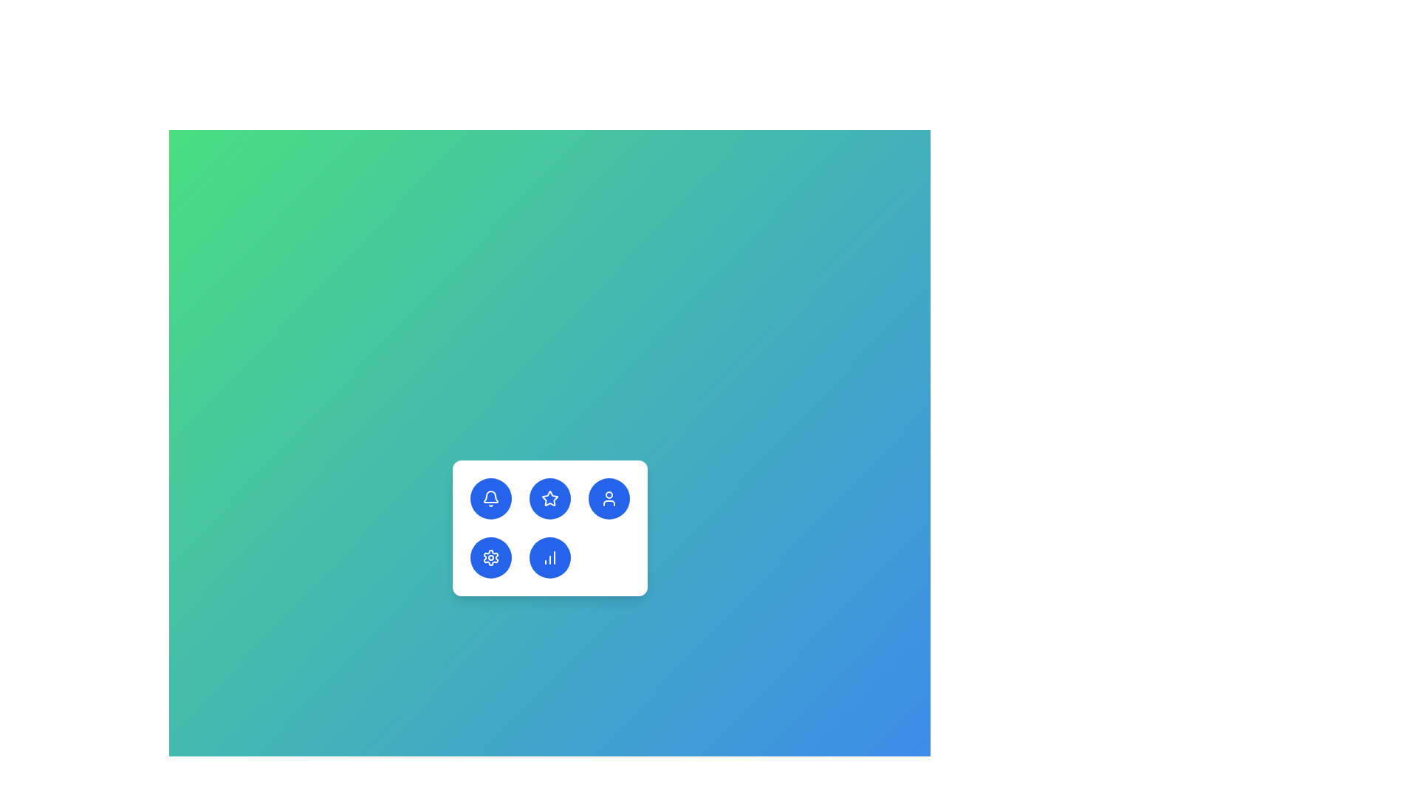 The image size is (1418, 797). I want to click on the user profile icon button located in the top-right corner of the set of five circular icons, so click(609, 498).